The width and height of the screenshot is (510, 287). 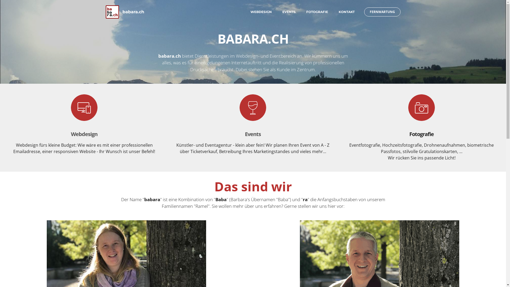 What do you see at coordinates (288, 12) in the screenshot?
I see `'EVENTS'` at bounding box center [288, 12].